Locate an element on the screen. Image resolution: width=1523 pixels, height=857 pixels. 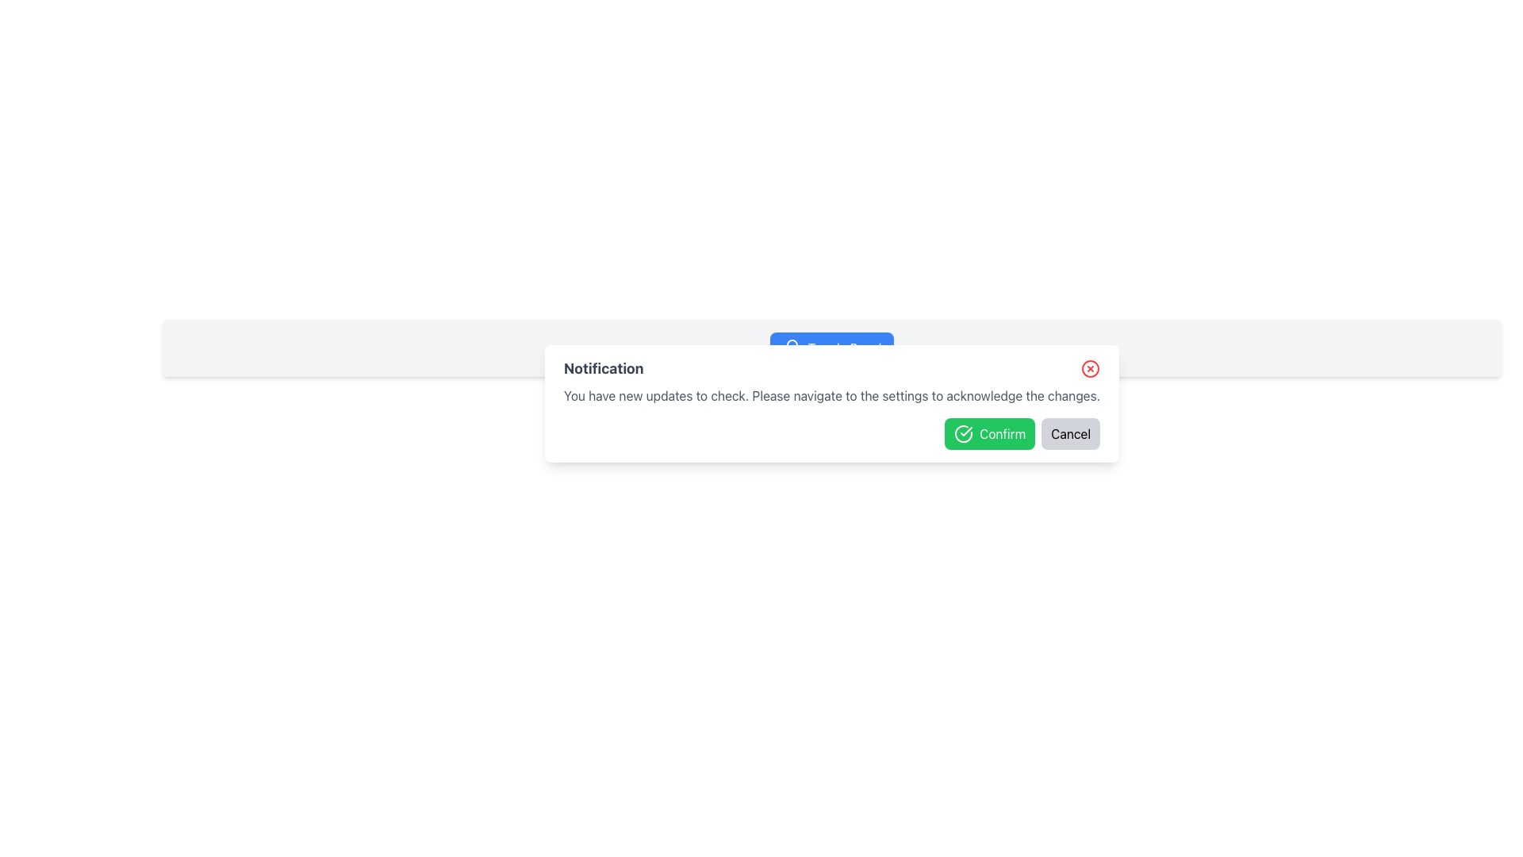
the Confirm button on the Notification Panel to acknowledge updates is located at coordinates (831, 348).